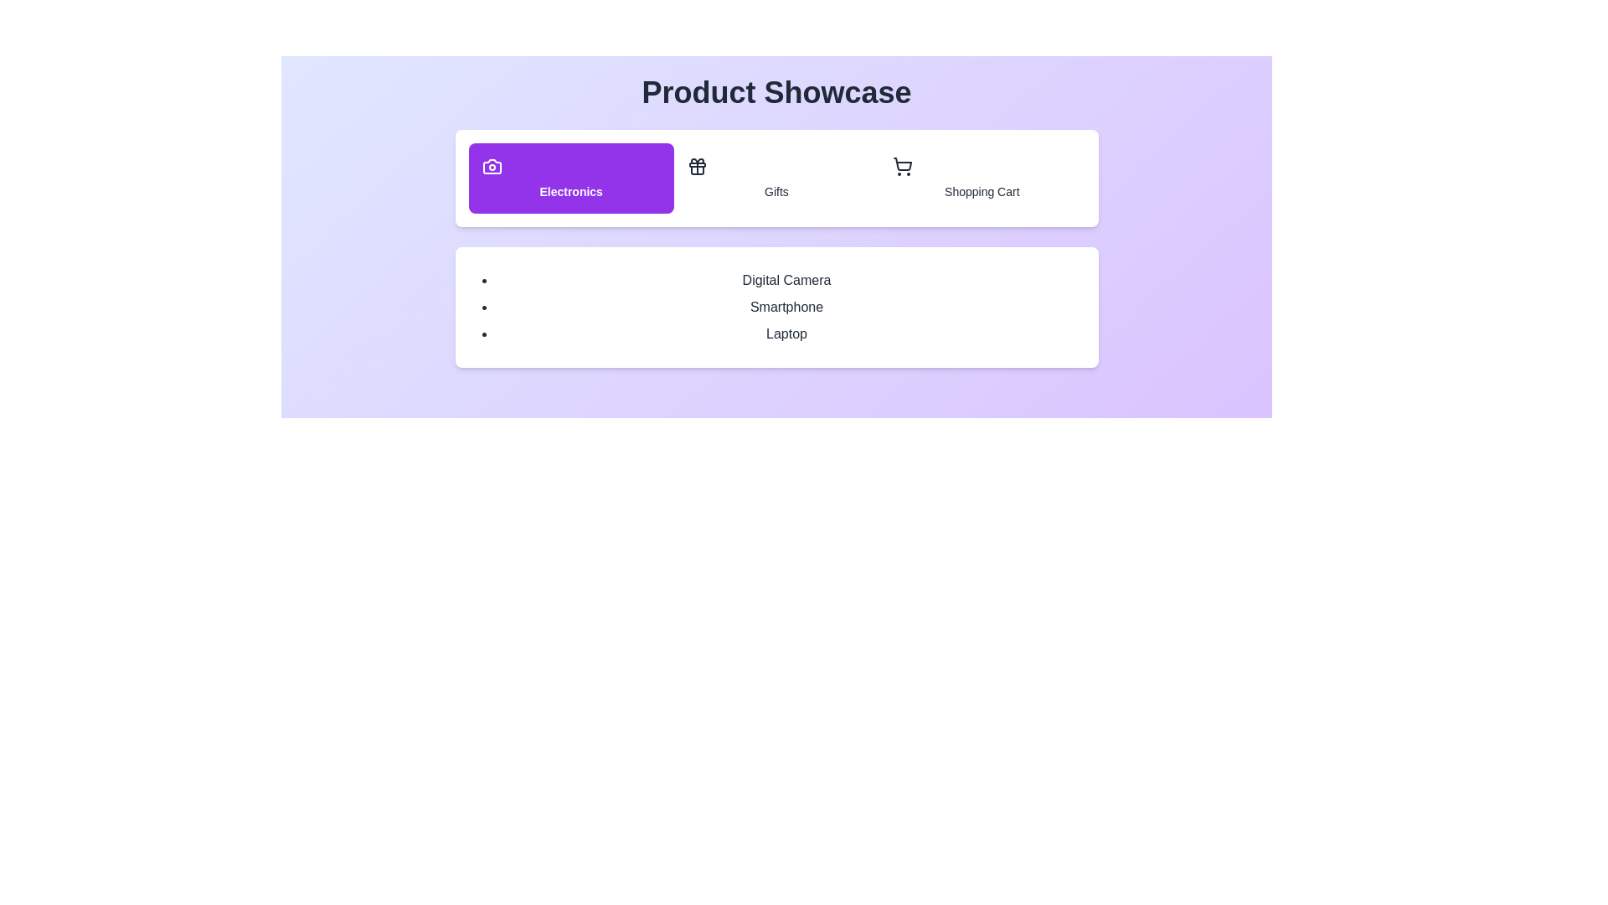  What do you see at coordinates (776, 307) in the screenshot?
I see `the vertical list item in the product categories card, which includes 'Digital Camera', 'Smartphone', and 'Laptop', for navigation or interaction` at bounding box center [776, 307].